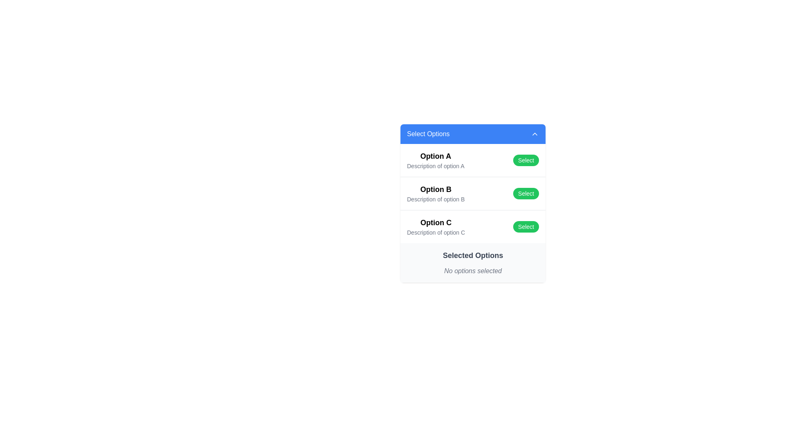 The image size is (787, 443). Describe the element at coordinates (435, 160) in the screenshot. I see `the first option in the selection list under the blue header 'Select Options', which serves as a visual reference for the user` at that location.